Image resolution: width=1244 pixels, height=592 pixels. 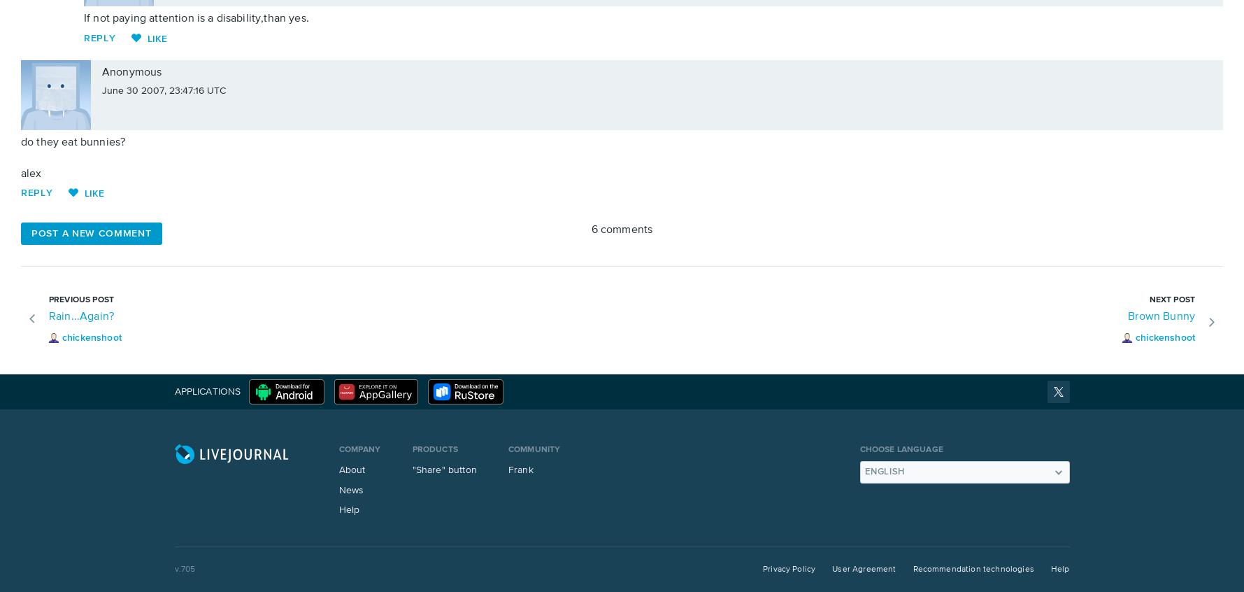 I want to click on 'PRODUCTS', so click(x=434, y=449).